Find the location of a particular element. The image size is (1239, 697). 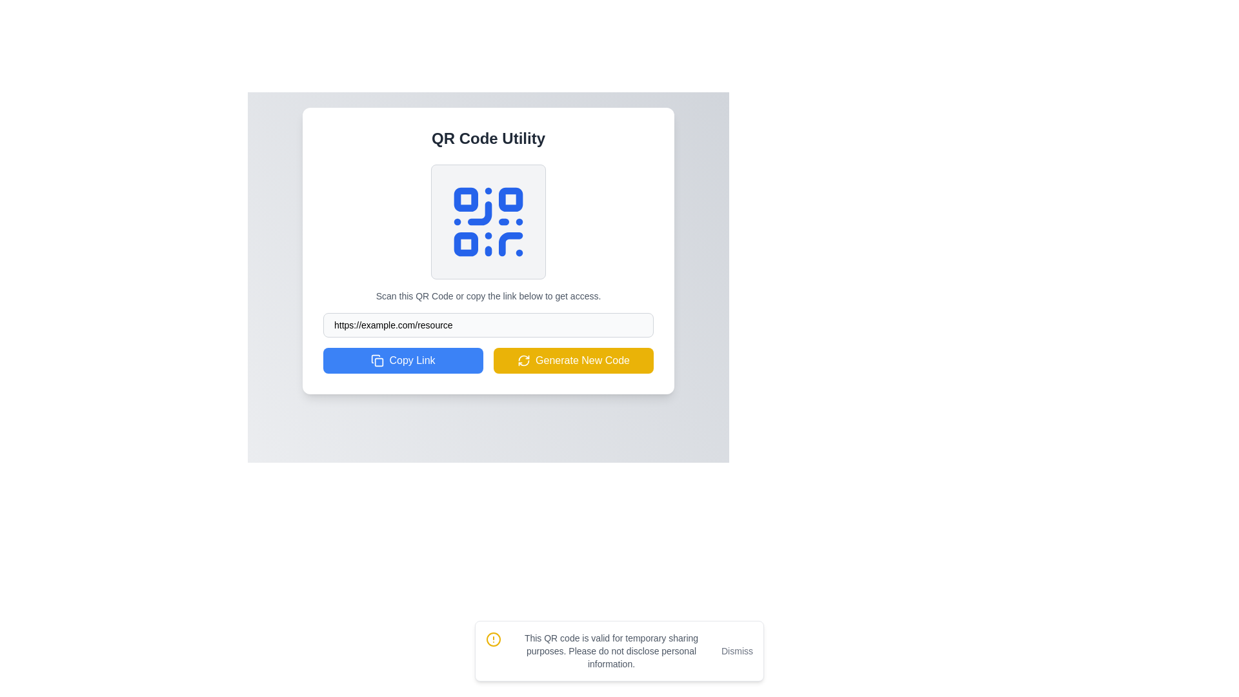

the graphic element that is part of the QR code visual, located towards the left bottom part of the central graphic is located at coordinates (479, 212).